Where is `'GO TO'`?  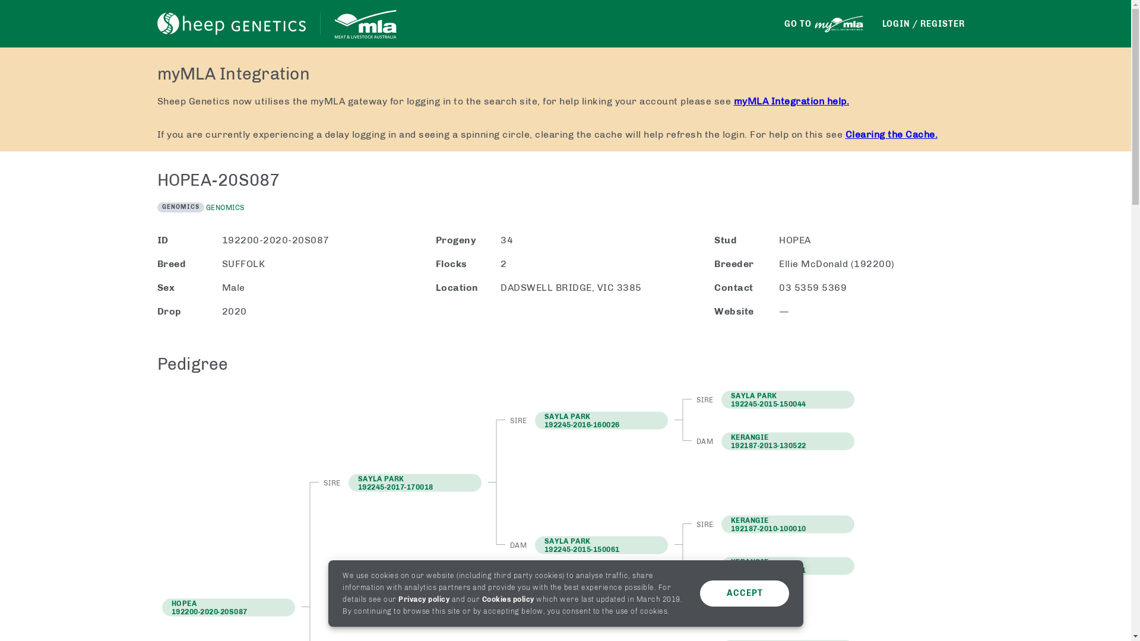 'GO TO' is located at coordinates (823, 24).